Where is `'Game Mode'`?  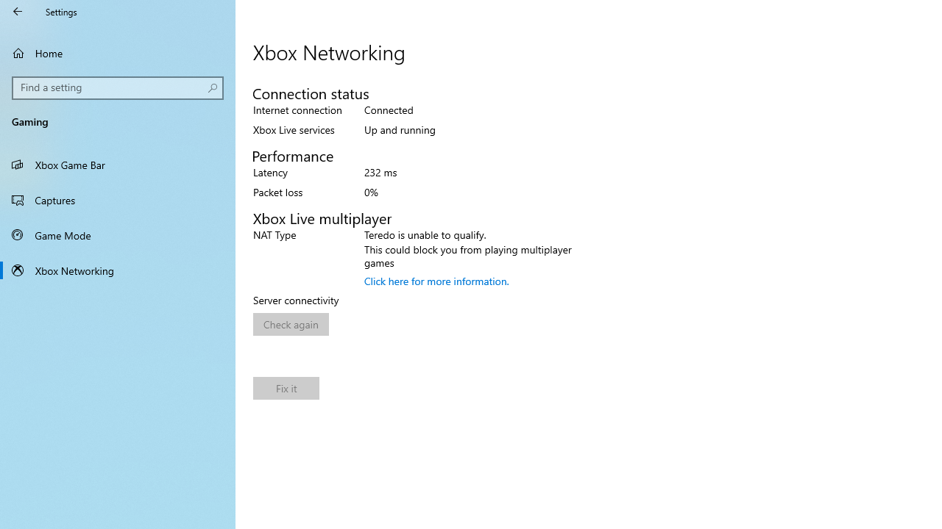 'Game Mode' is located at coordinates (118, 234).